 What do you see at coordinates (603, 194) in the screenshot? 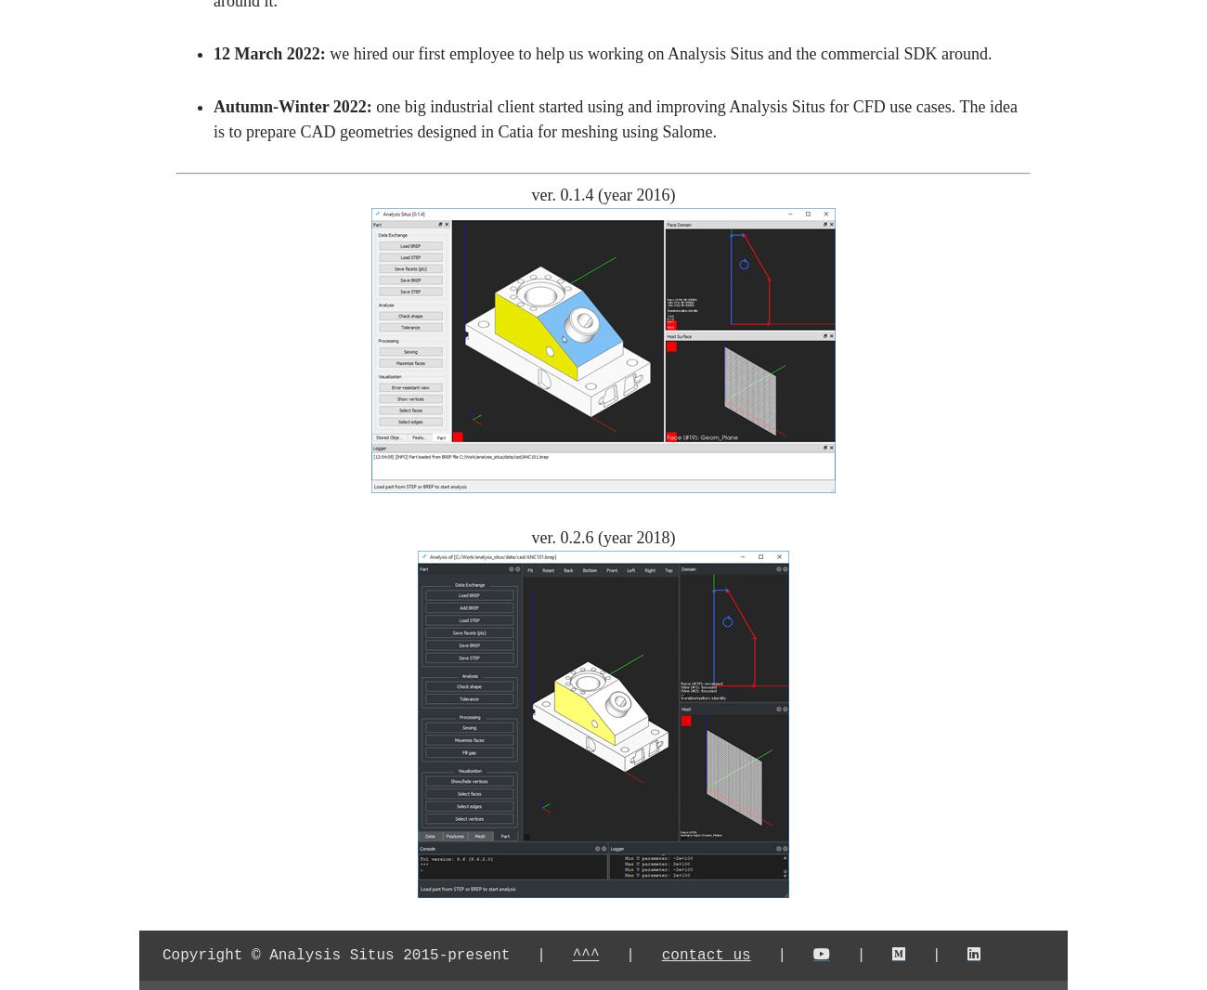
I see `'ver. 0.1.4 (year 2016)'` at bounding box center [603, 194].